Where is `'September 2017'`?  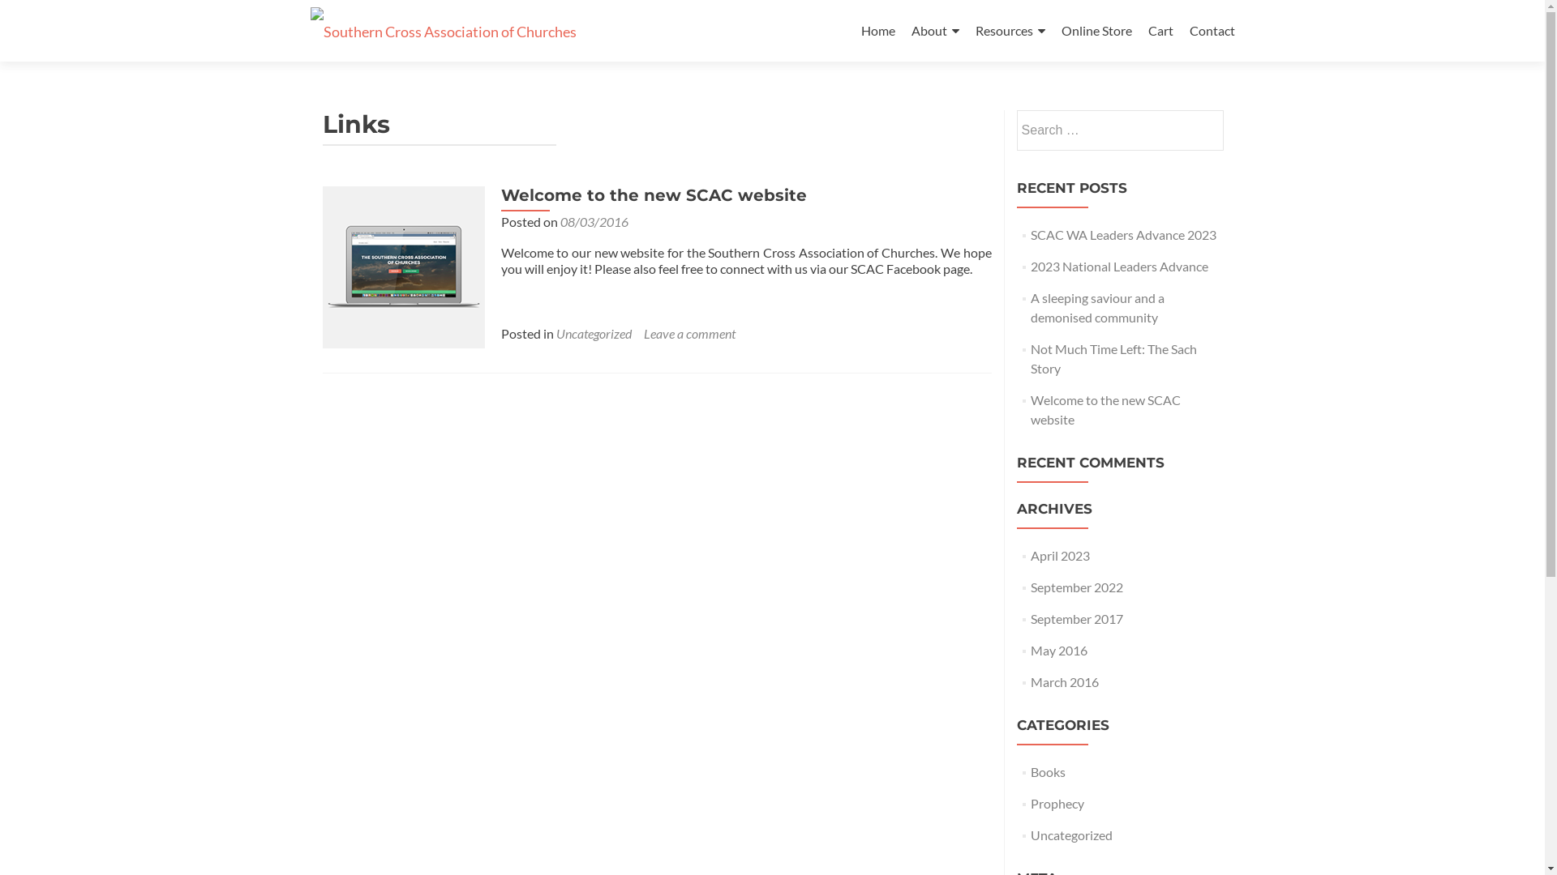
'September 2017' is located at coordinates (1077, 618).